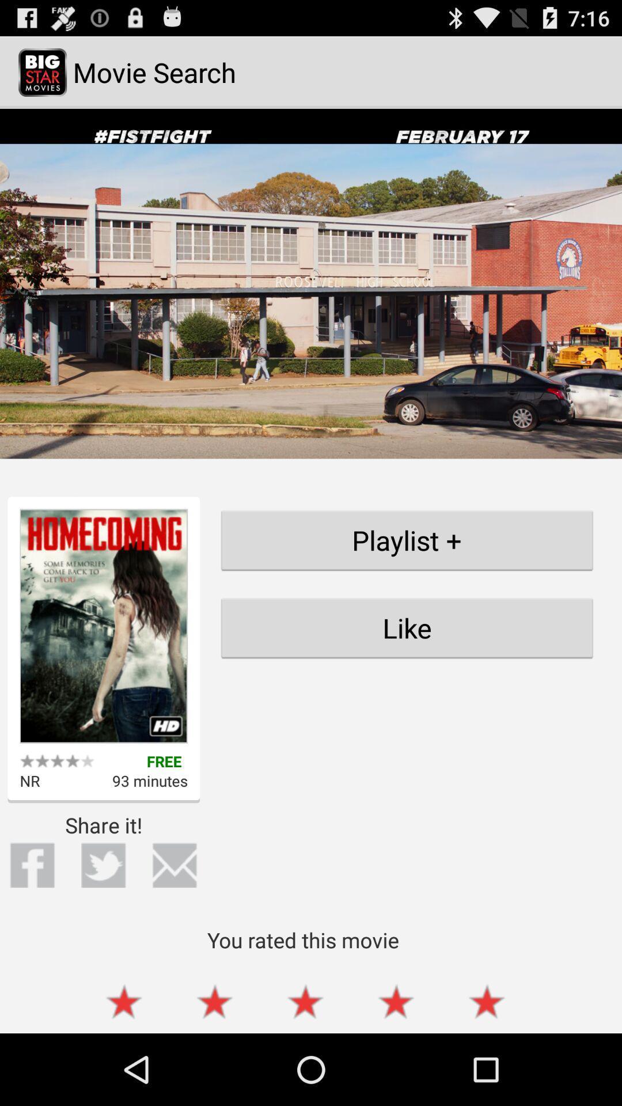  What do you see at coordinates (484, 1072) in the screenshot?
I see `the star icon` at bounding box center [484, 1072].